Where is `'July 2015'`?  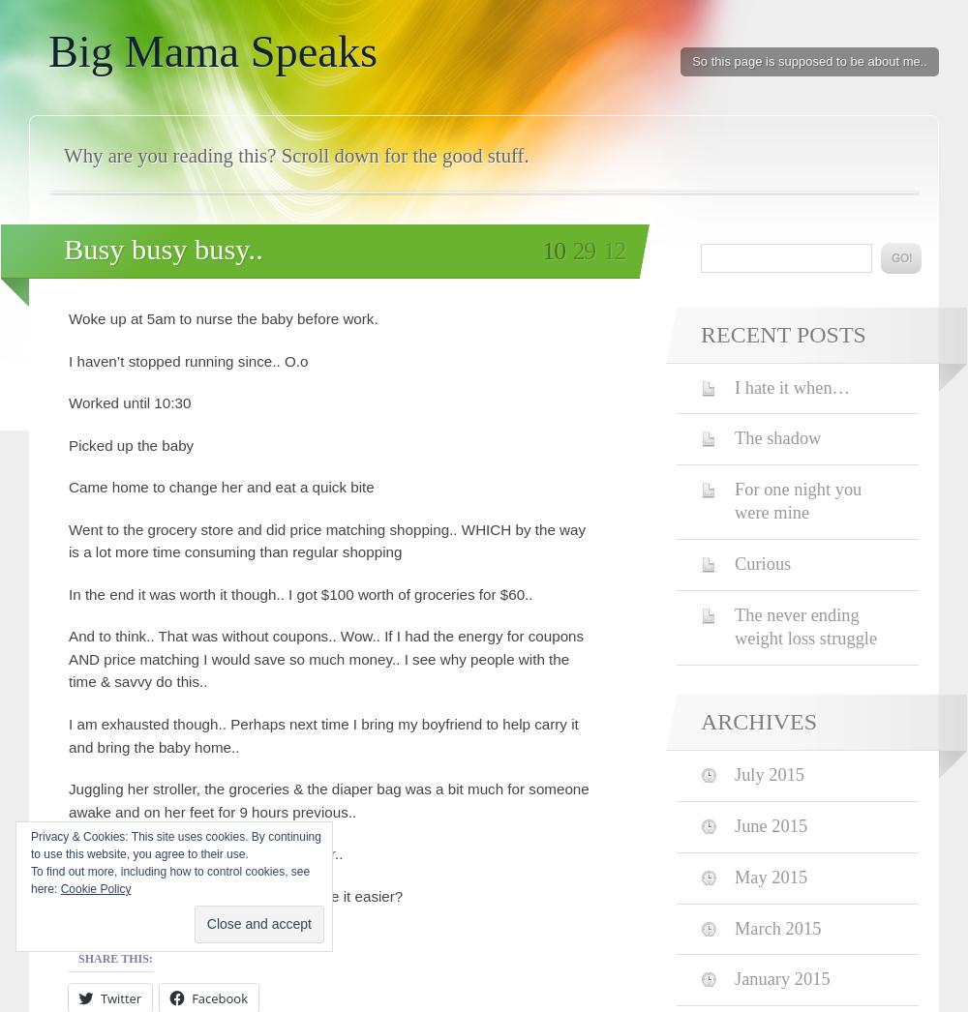 'July 2015' is located at coordinates (770, 773).